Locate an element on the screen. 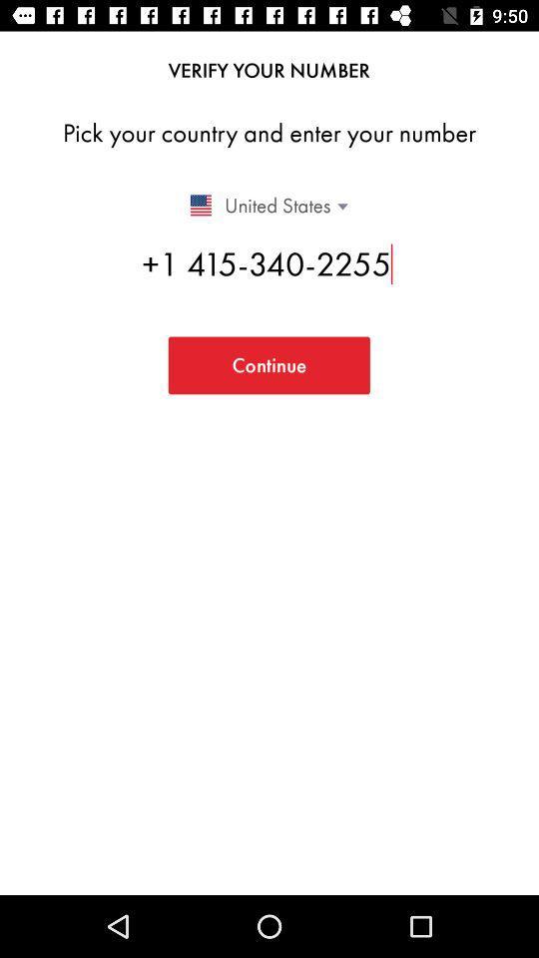  icon below 1 415 340 item is located at coordinates (269, 364).